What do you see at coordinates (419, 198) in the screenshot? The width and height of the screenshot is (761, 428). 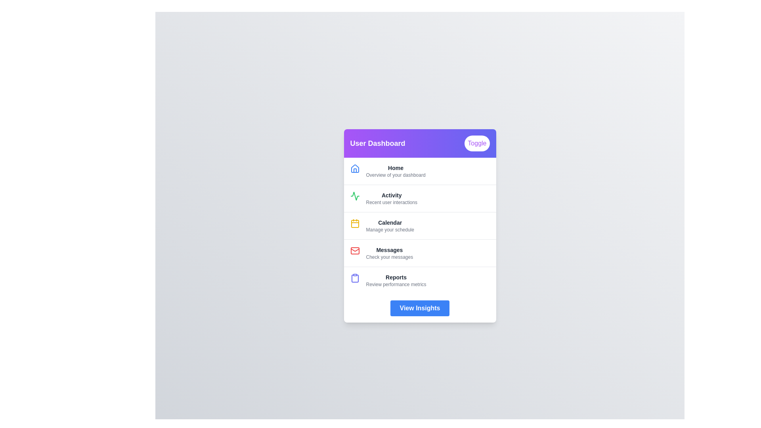 I see `the menu item corresponding to Activity` at bounding box center [419, 198].